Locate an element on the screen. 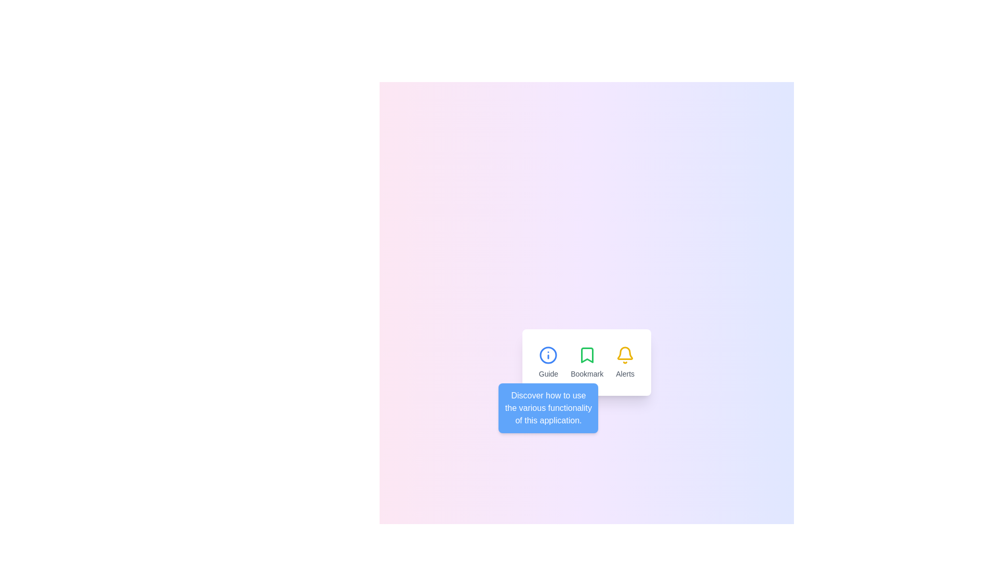  the Tooltip or informational box that provides additional information about the 'Guide' section for accessibility purposes is located at coordinates (548, 408).